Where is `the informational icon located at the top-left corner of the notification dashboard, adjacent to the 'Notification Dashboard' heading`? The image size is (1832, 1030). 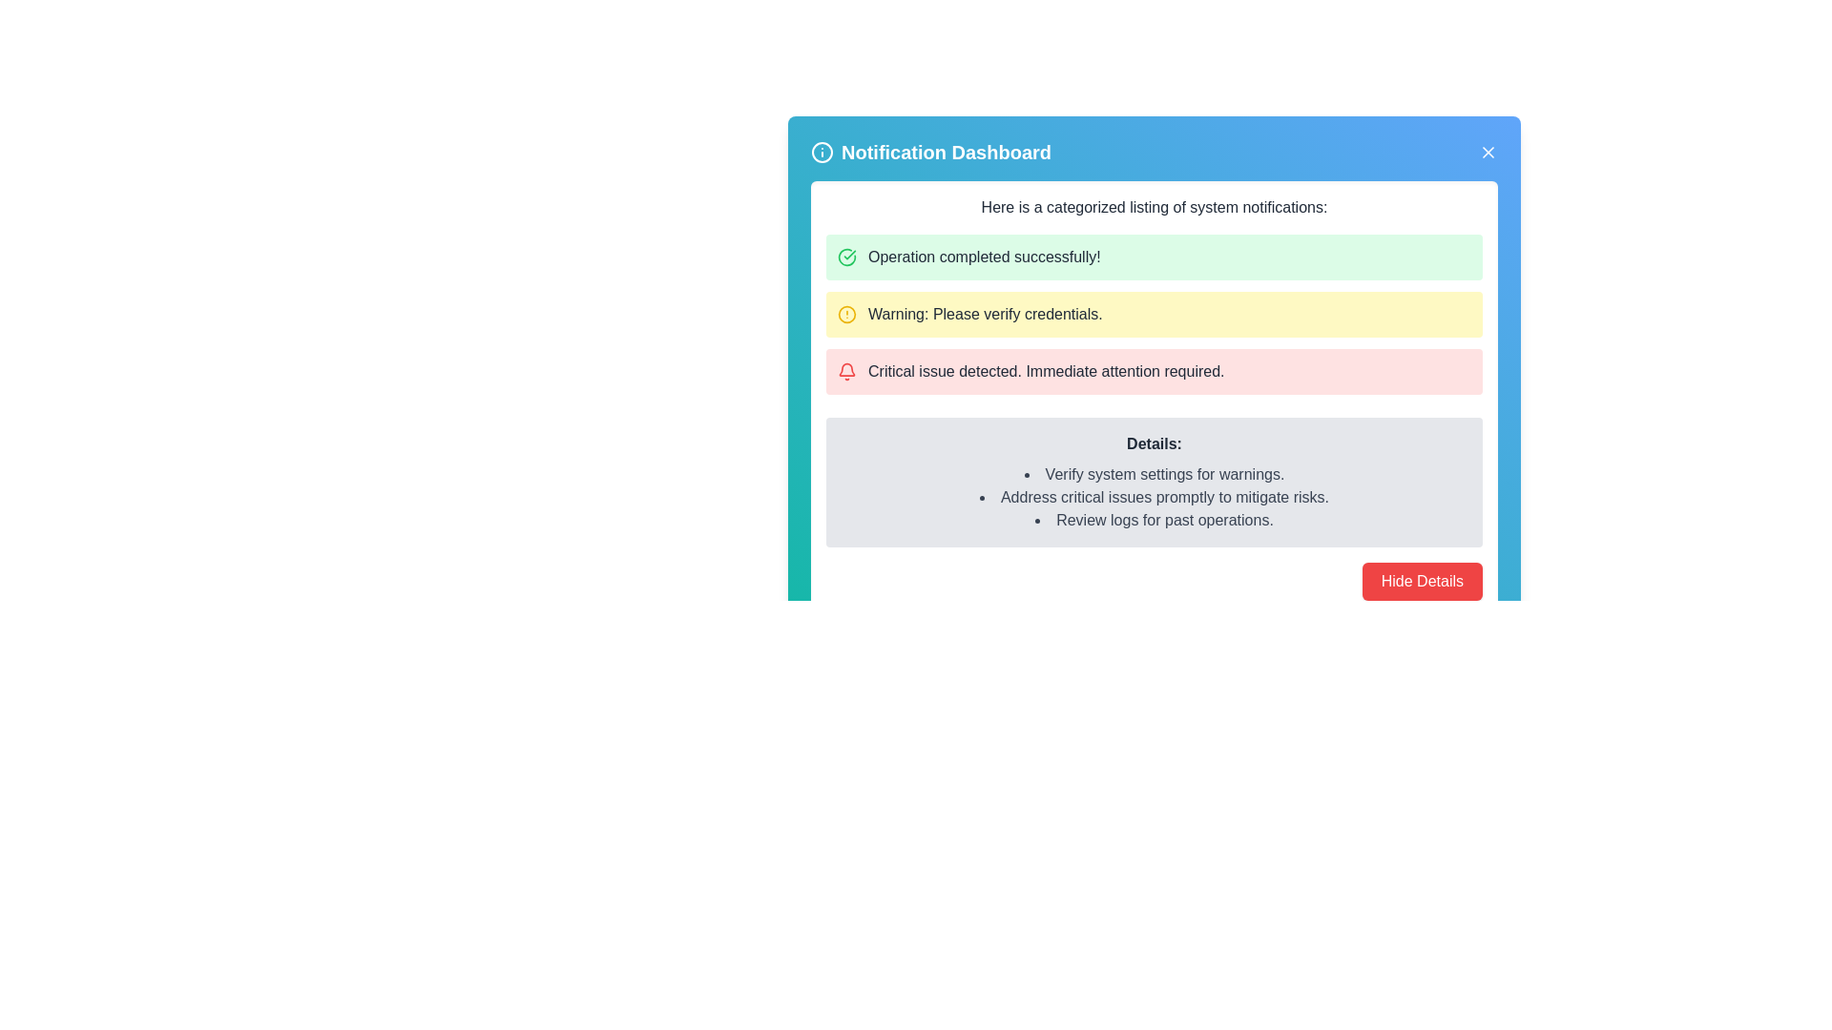 the informational icon located at the top-left corner of the notification dashboard, adjacent to the 'Notification Dashboard' heading is located at coordinates (822, 151).